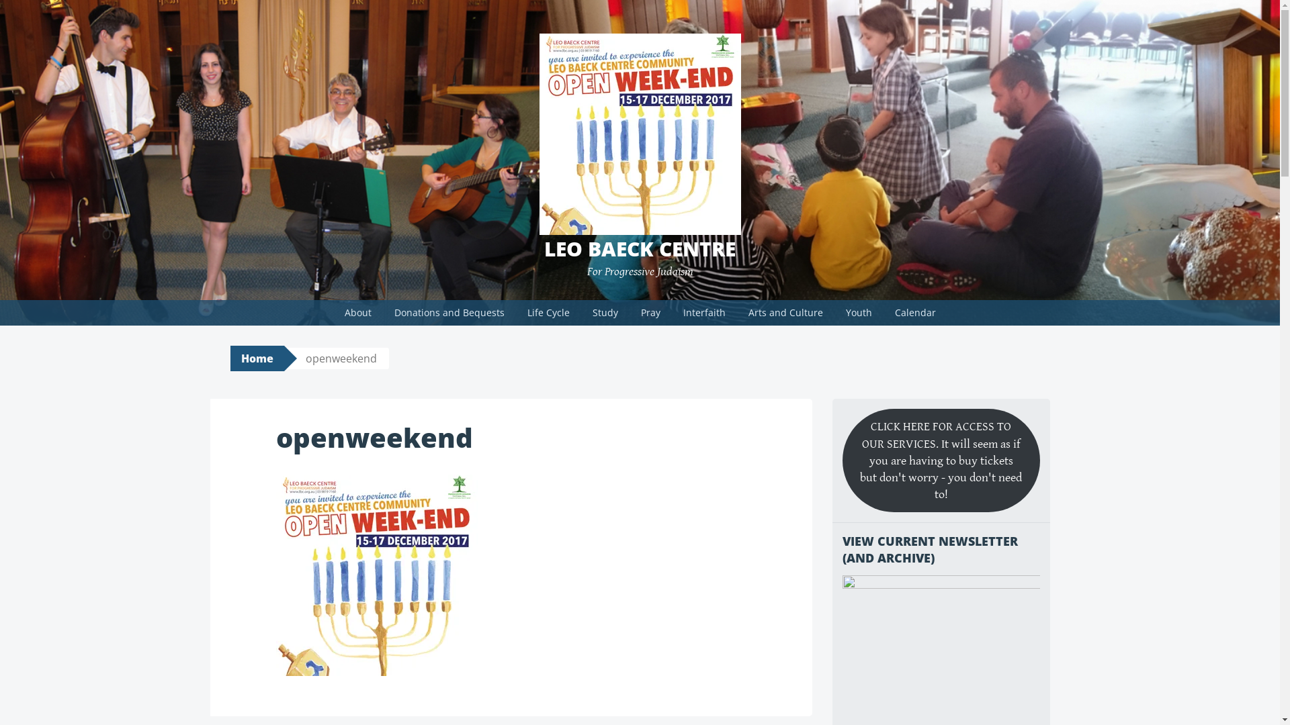 The width and height of the screenshot is (1290, 725). What do you see at coordinates (629, 313) in the screenshot?
I see `'Pray'` at bounding box center [629, 313].